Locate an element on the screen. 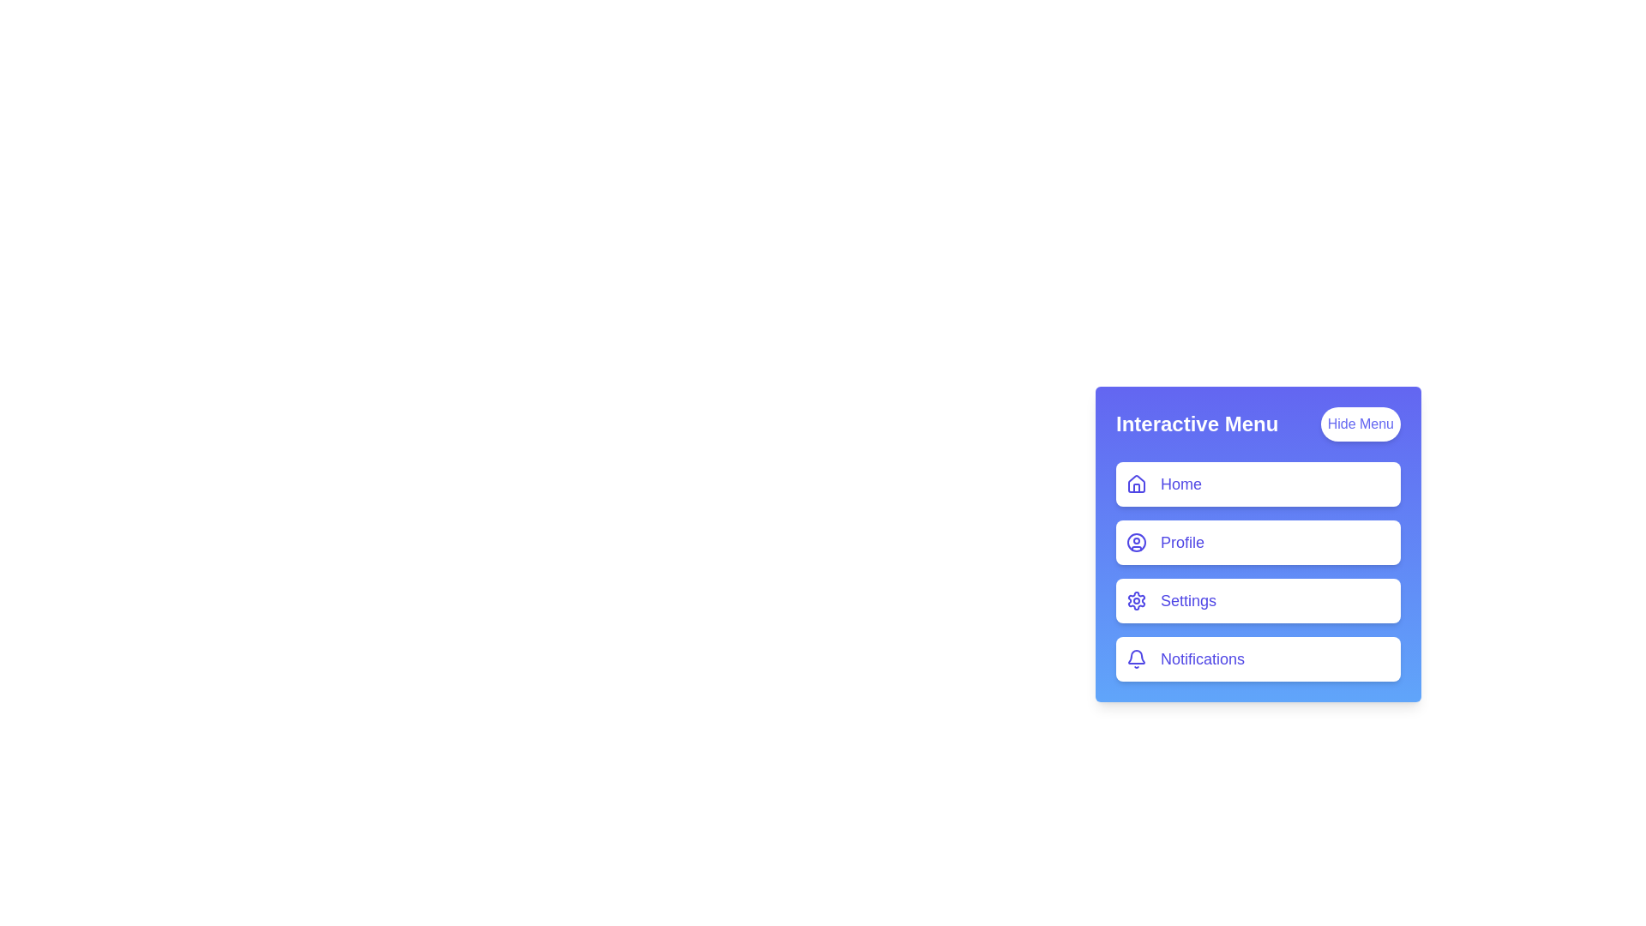  the menu item Home is located at coordinates (1259, 484).